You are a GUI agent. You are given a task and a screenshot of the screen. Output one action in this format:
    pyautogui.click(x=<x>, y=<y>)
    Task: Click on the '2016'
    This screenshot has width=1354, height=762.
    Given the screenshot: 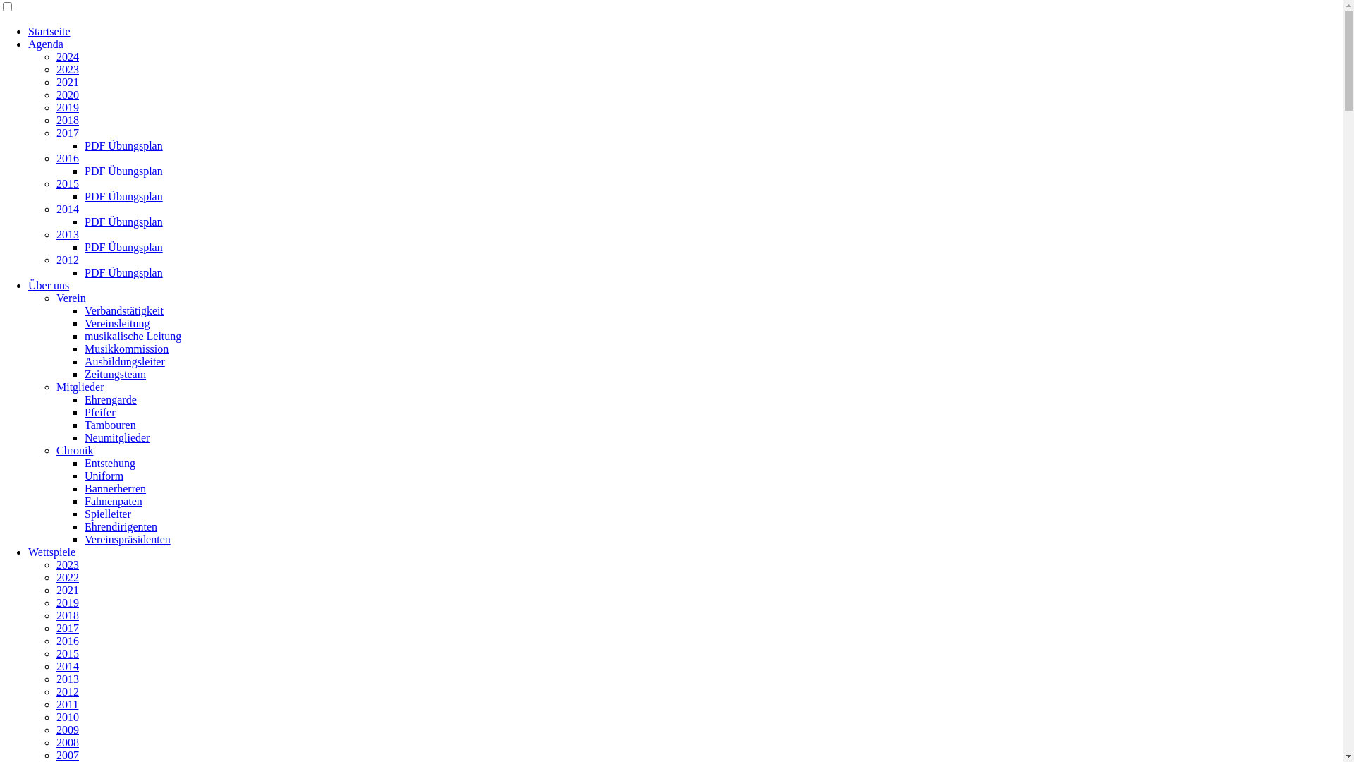 What is the action you would take?
    pyautogui.click(x=67, y=158)
    